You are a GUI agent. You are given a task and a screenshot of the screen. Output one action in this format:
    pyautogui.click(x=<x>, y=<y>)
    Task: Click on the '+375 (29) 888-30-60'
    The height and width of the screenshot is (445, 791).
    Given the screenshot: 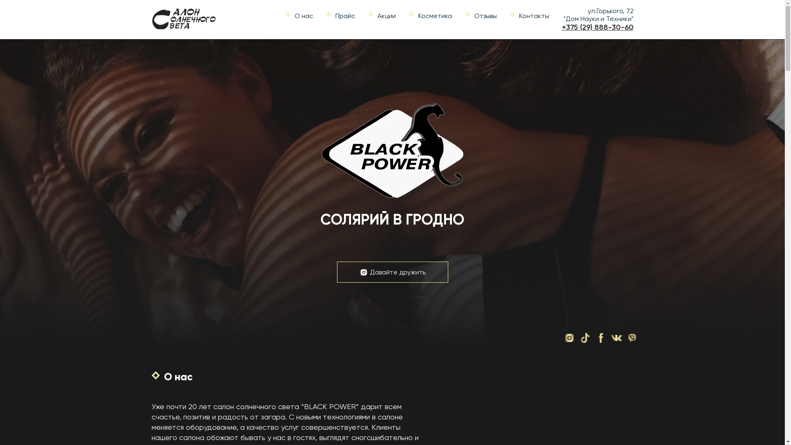 What is the action you would take?
    pyautogui.click(x=561, y=26)
    